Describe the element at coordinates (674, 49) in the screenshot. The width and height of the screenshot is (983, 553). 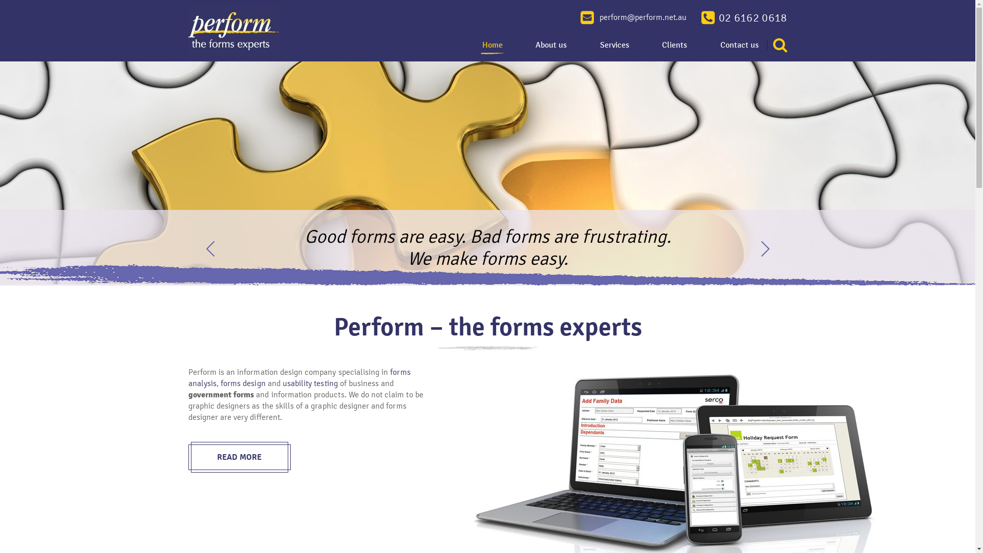
I see `'Clients'` at that location.